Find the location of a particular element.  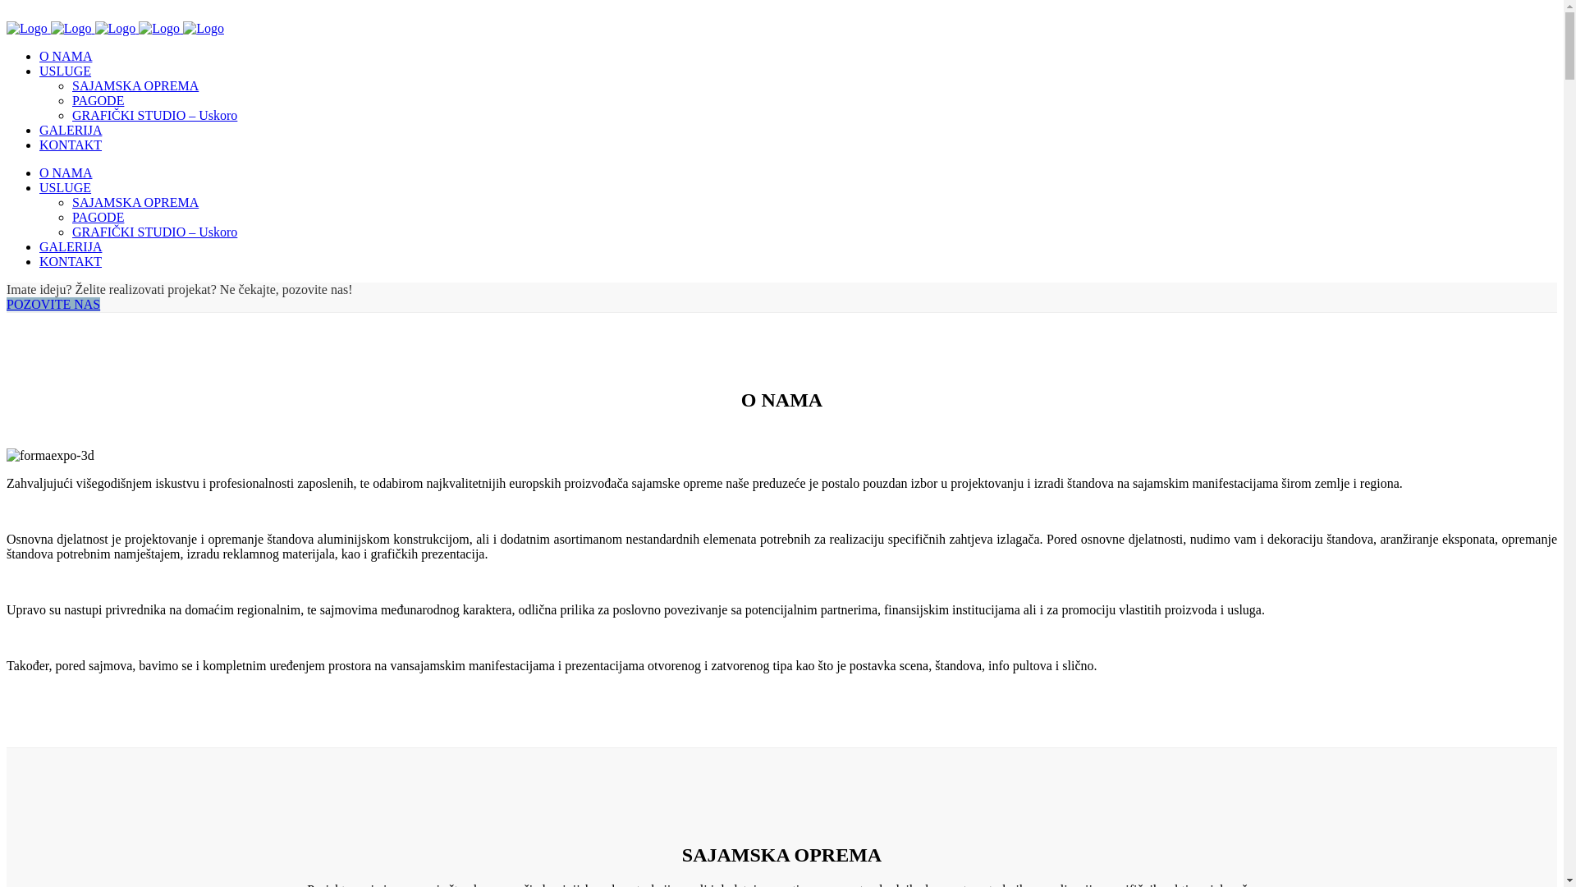

'GALERIJA' is located at coordinates (70, 129).